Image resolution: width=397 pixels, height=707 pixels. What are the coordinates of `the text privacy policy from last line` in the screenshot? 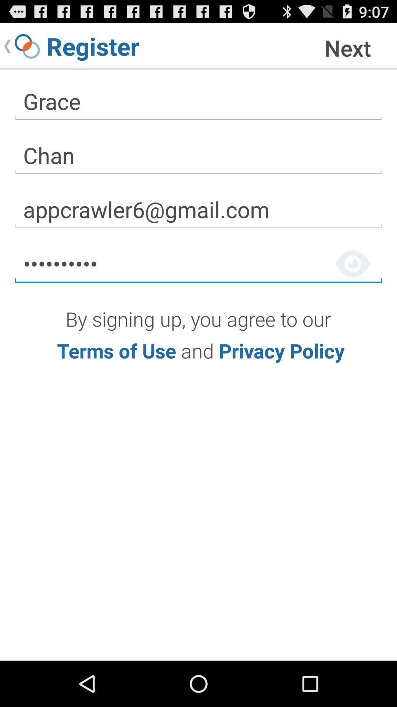 It's located at (282, 350).